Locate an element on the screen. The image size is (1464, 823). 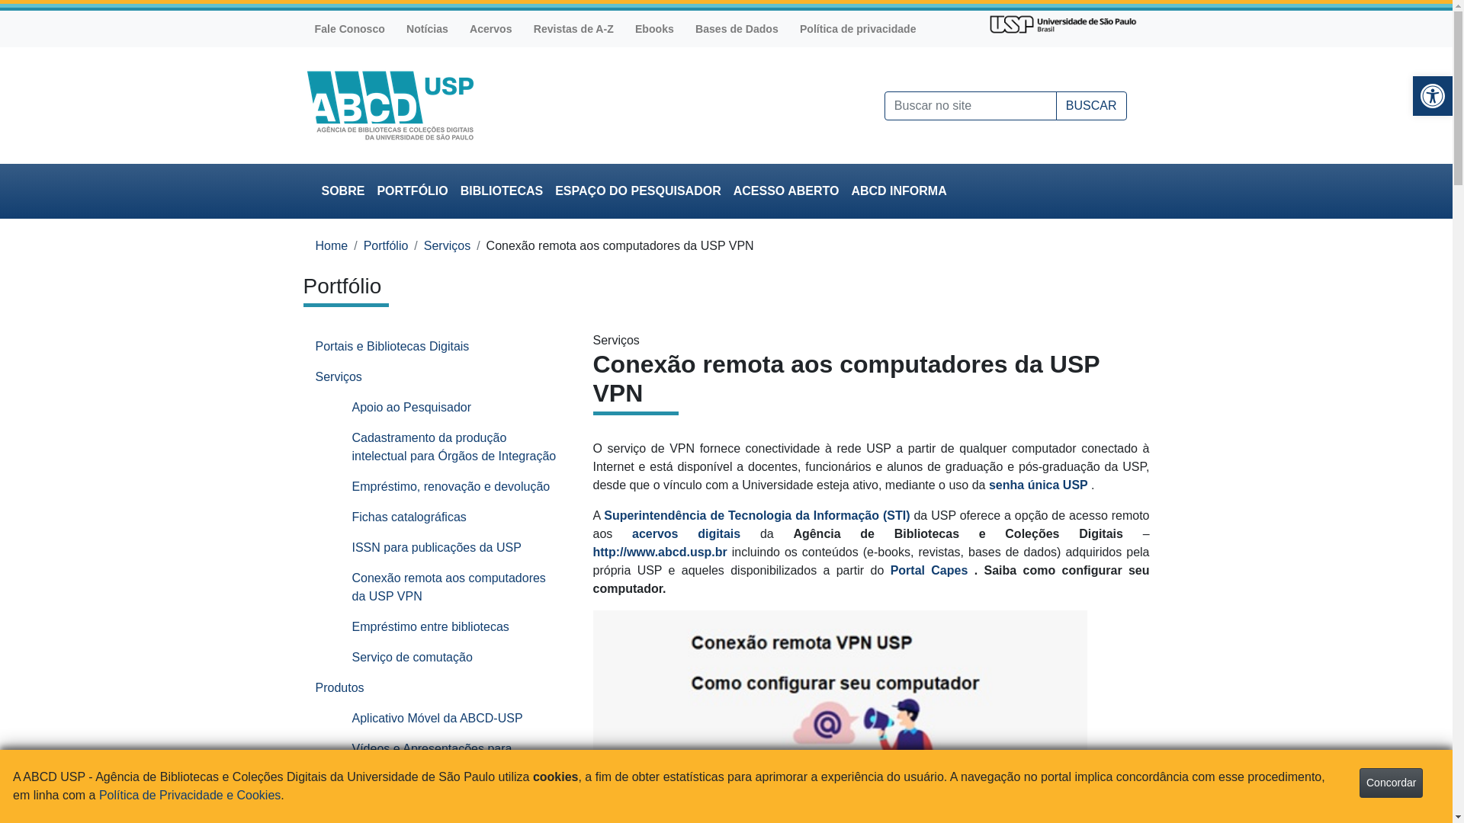
'Barra de Ferramentas Aberta is located at coordinates (1431, 96).